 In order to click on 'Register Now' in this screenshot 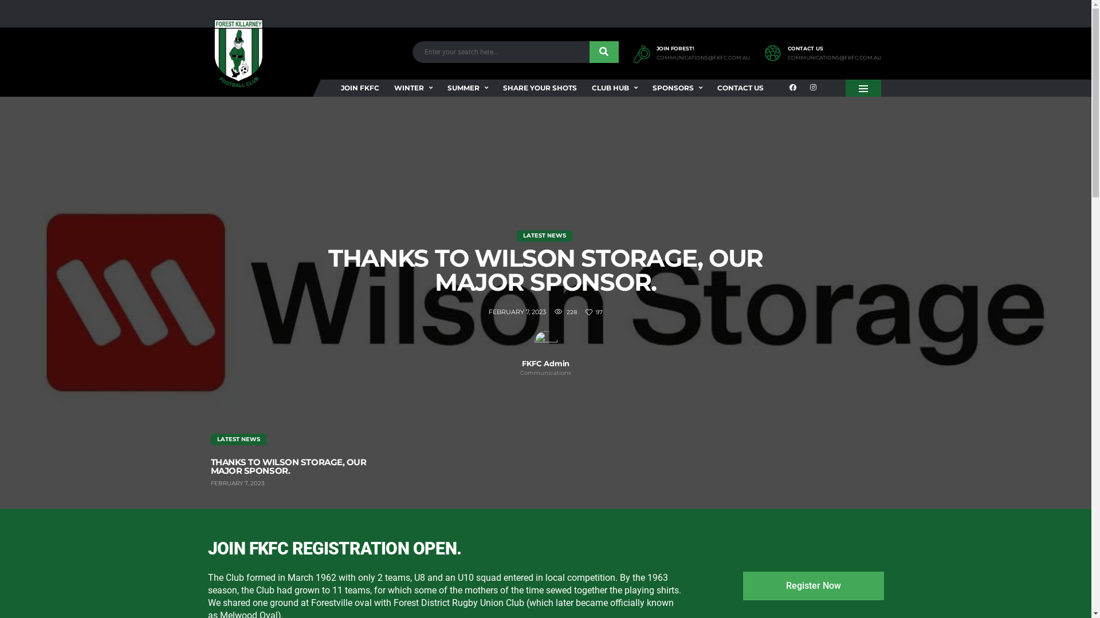, I will do `click(812, 585)`.